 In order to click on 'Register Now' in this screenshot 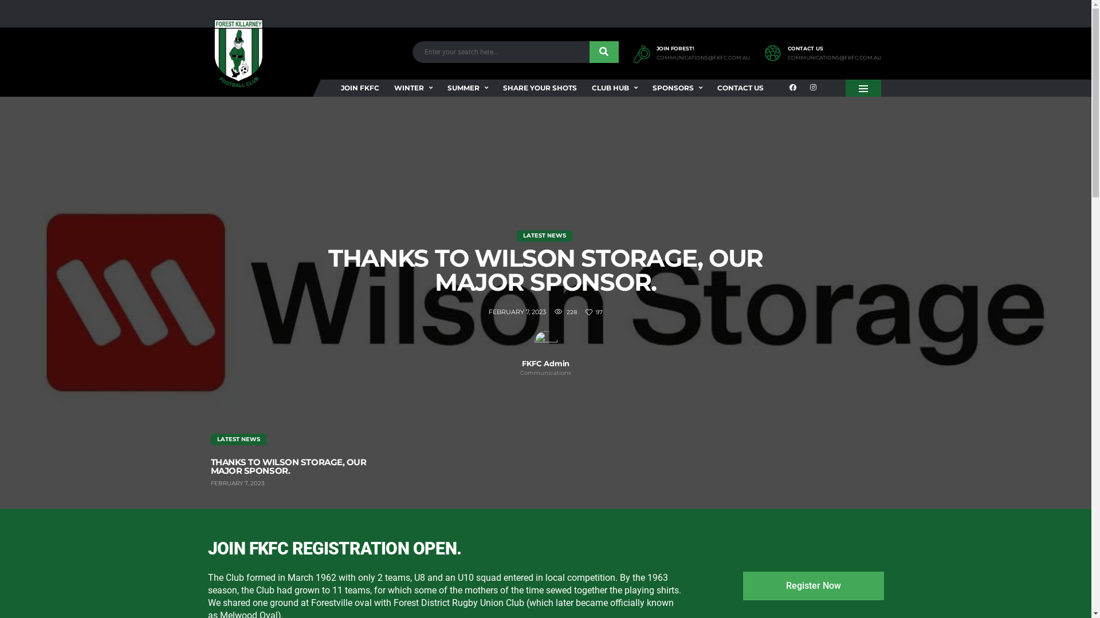, I will do `click(812, 585)`.